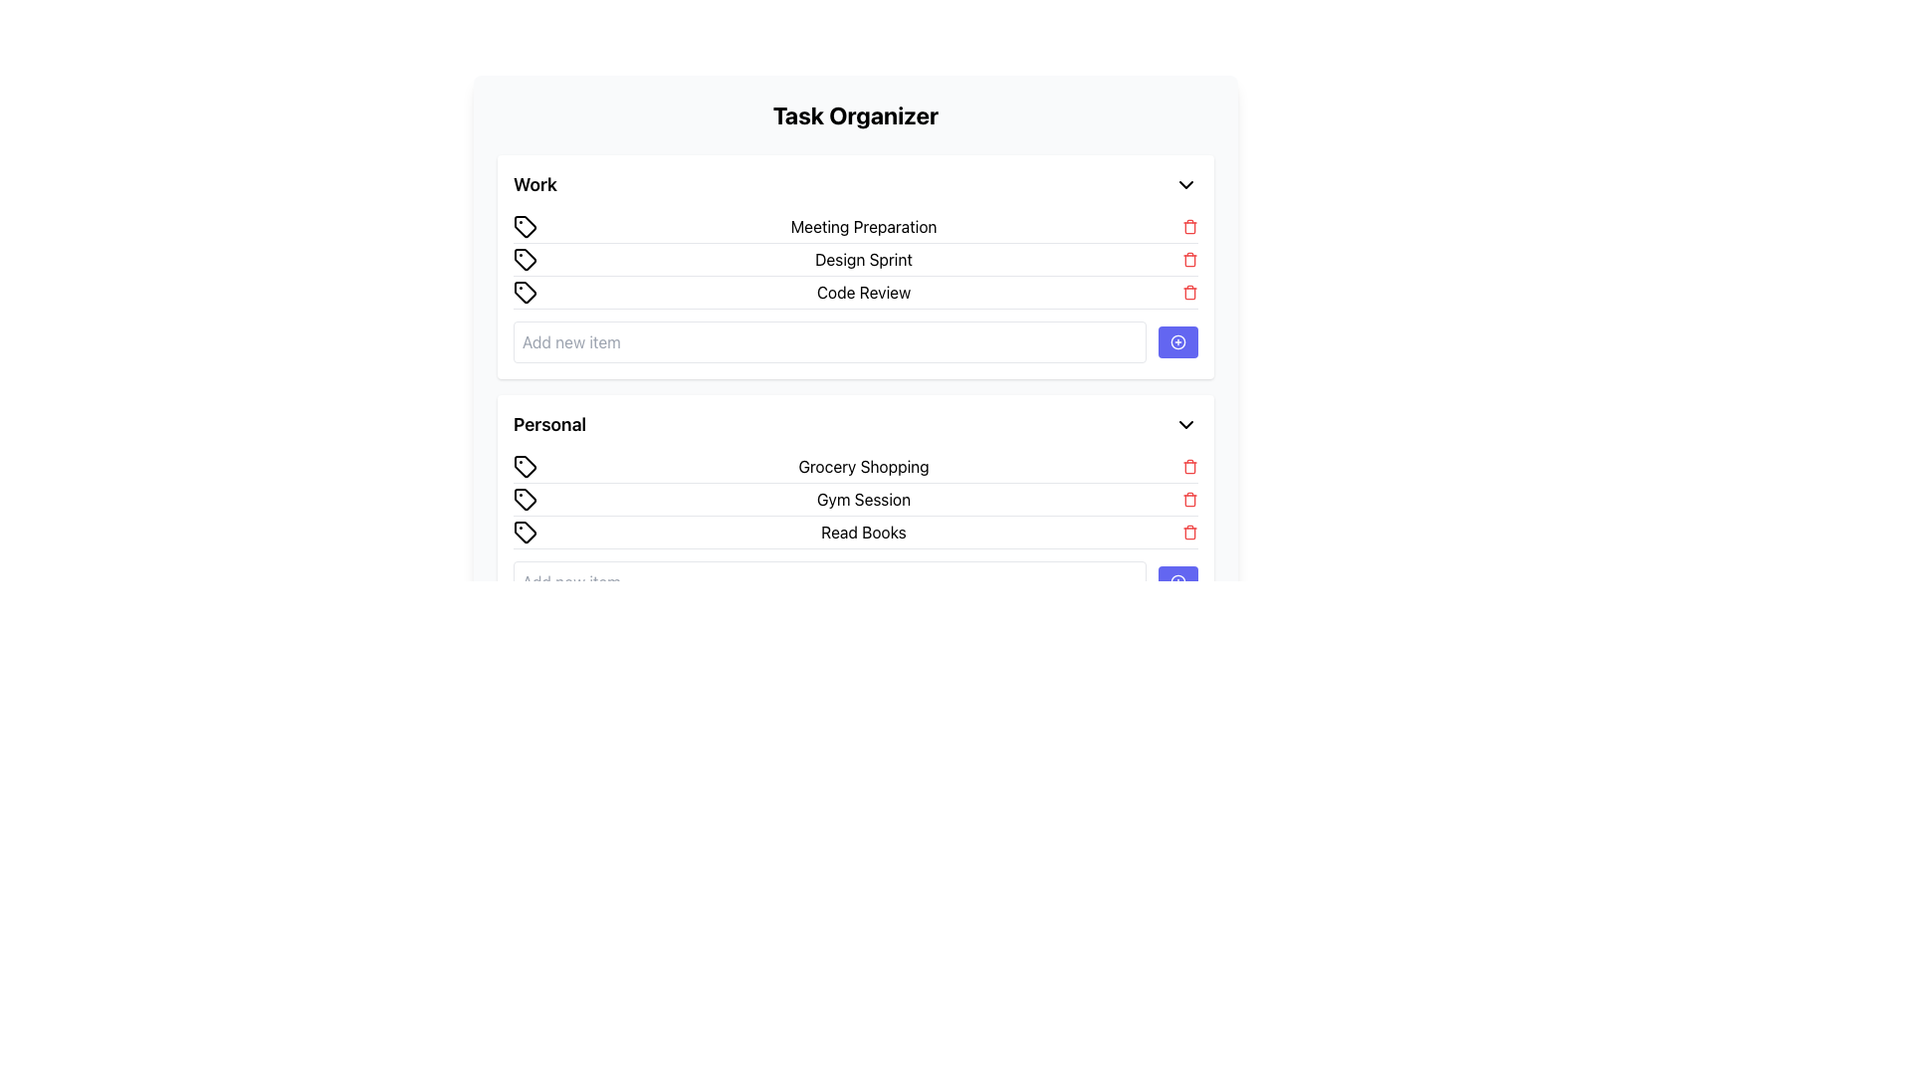 This screenshot has width=1911, height=1075. What do you see at coordinates (855, 293) in the screenshot?
I see `the 'Code Review' task item in the 'Work' category for further options` at bounding box center [855, 293].